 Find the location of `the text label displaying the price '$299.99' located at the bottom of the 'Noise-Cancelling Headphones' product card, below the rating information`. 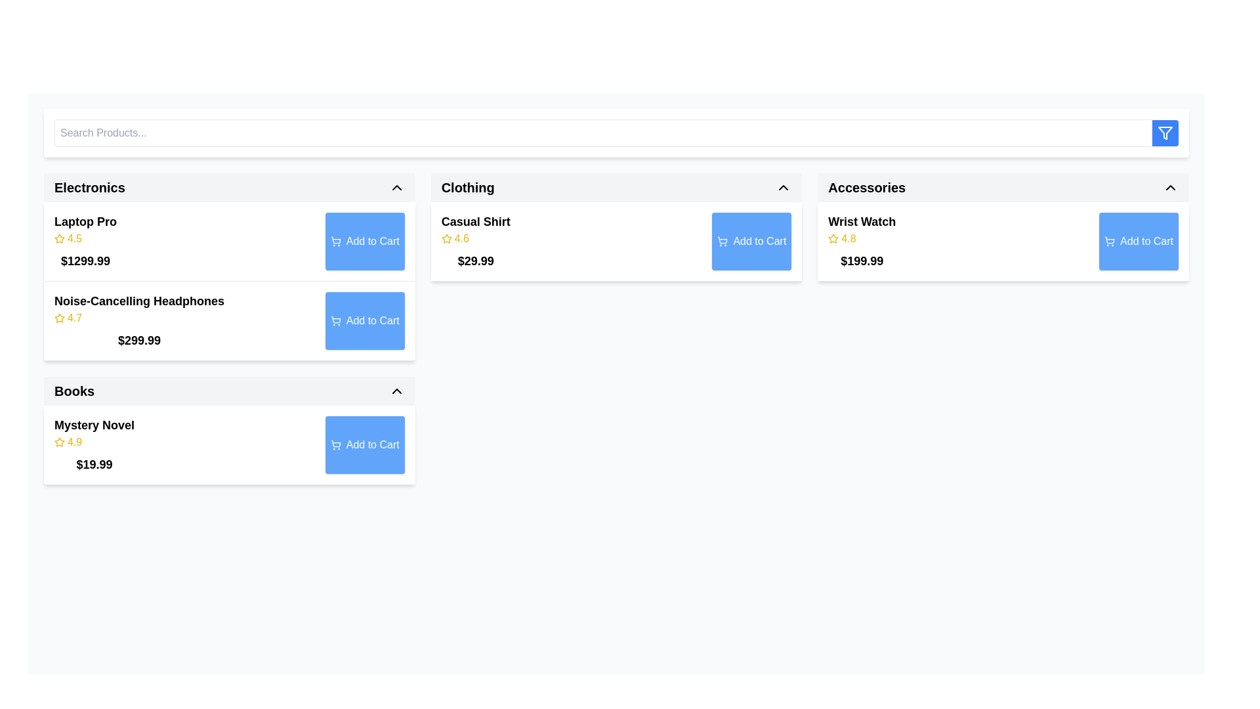

the text label displaying the price '$299.99' located at the bottom of the 'Noise-Cancelling Headphones' product card, below the rating information is located at coordinates (139, 340).